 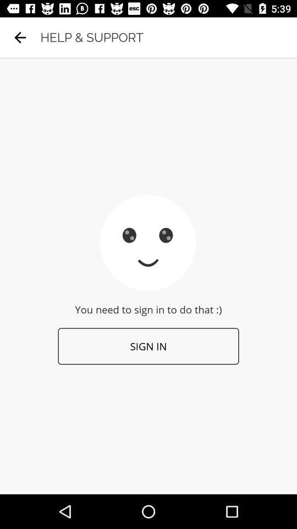 I want to click on icon above the you need to, so click(x=20, y=37).